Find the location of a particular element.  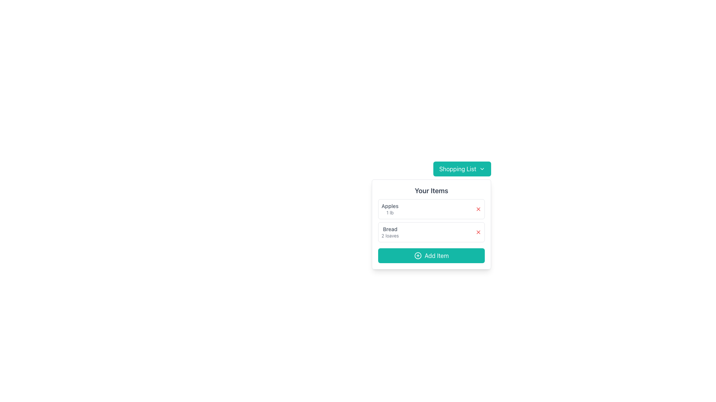

the circular add icon with a plus symbol inside the 'Add Item' button, which is styled with a teal stroke and is located to the left of the text is located at coordinates (418, 255).